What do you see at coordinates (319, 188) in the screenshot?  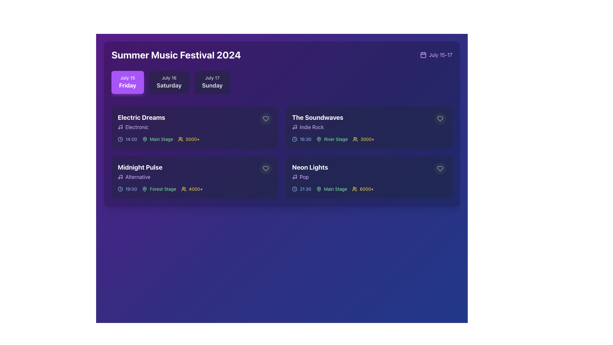 I see `the decorative icon located in the second row, second column card associated with 'Main Stage' in the 'Neon Lights' event listing` at bounding box center [319, 188].